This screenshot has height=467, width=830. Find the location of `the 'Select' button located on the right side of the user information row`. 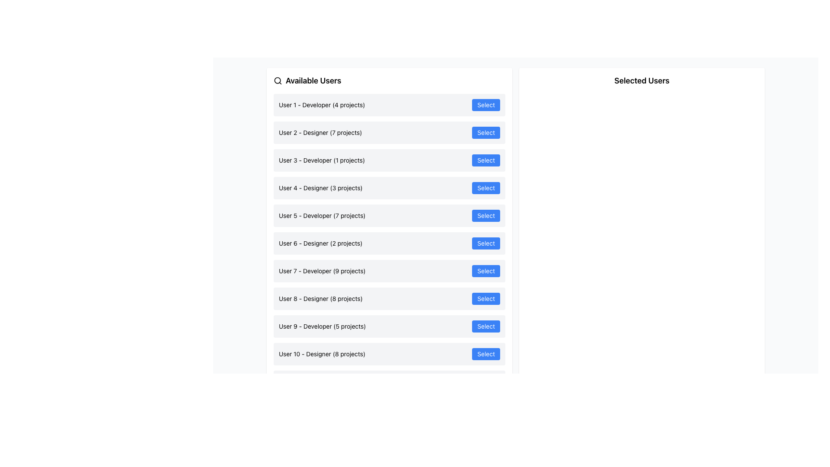

the 'Select' button located on the right side of the user information row is located at coordinates (486, 160).